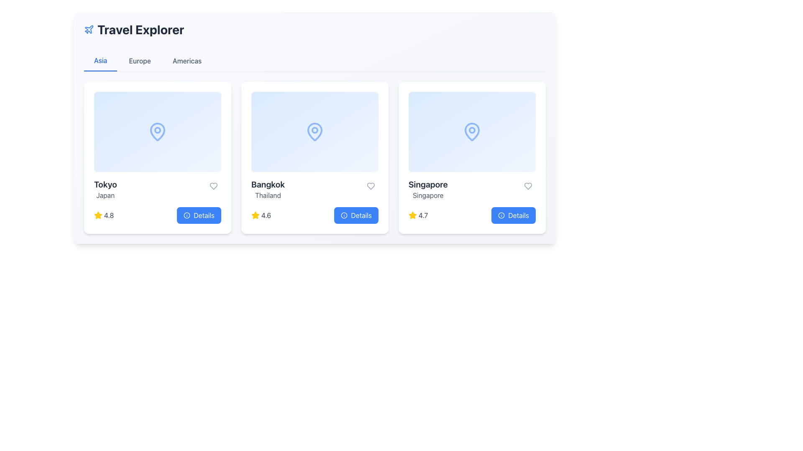 This screenshot has height=451, width=803. What do you see at coordinates (255, 215) in the screenshot?
I see `the five-point star icon in solid yellow, which indicates ratings or preferences, located below the text 'Bangkok' in the second card of a horizontally arranged list of three cards` at bounding box center [255, 215].